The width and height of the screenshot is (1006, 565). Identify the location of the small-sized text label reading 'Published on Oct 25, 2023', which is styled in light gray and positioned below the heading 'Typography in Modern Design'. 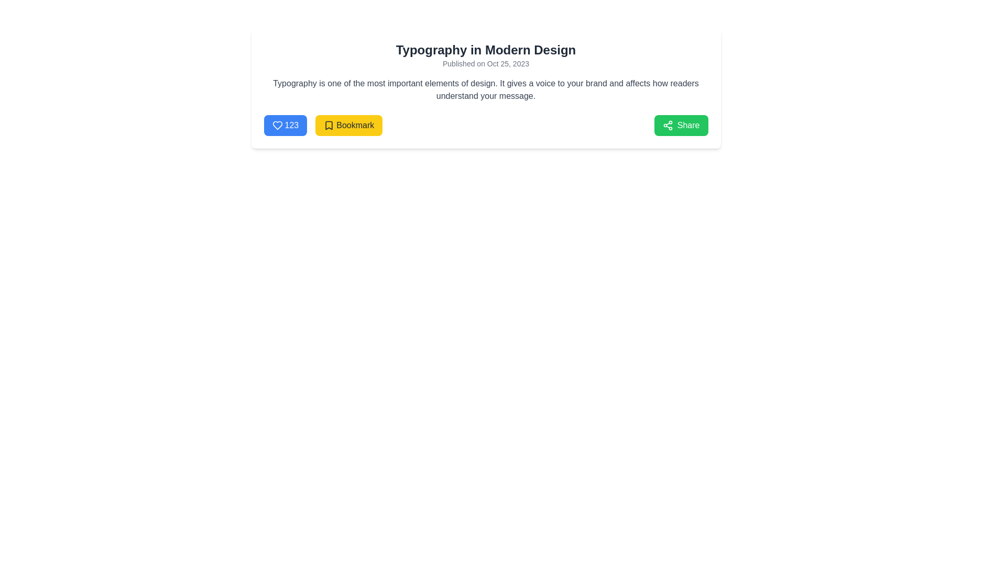
(485, 64).